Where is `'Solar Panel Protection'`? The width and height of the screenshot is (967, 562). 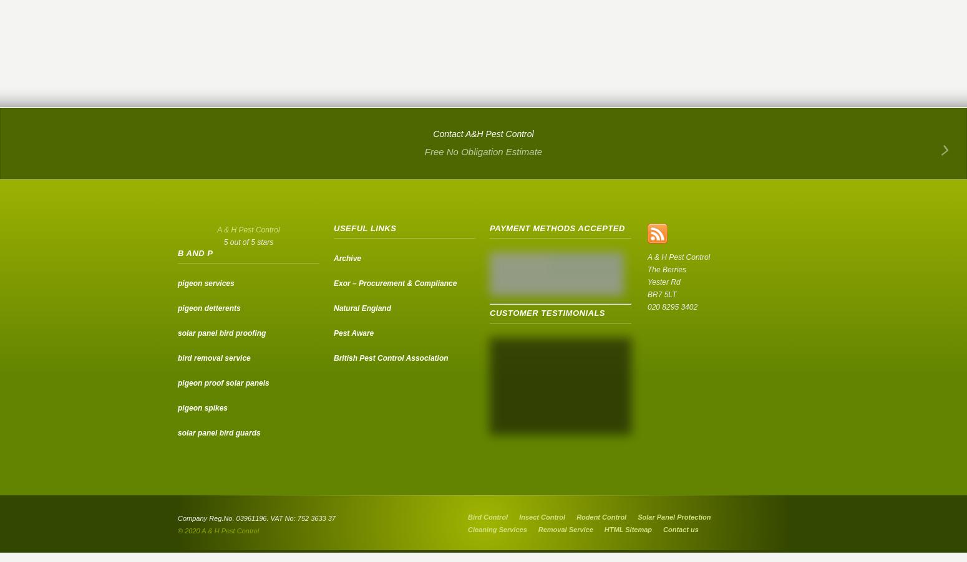
'Solar Panel Protection' is located at coordinates (674, 517).